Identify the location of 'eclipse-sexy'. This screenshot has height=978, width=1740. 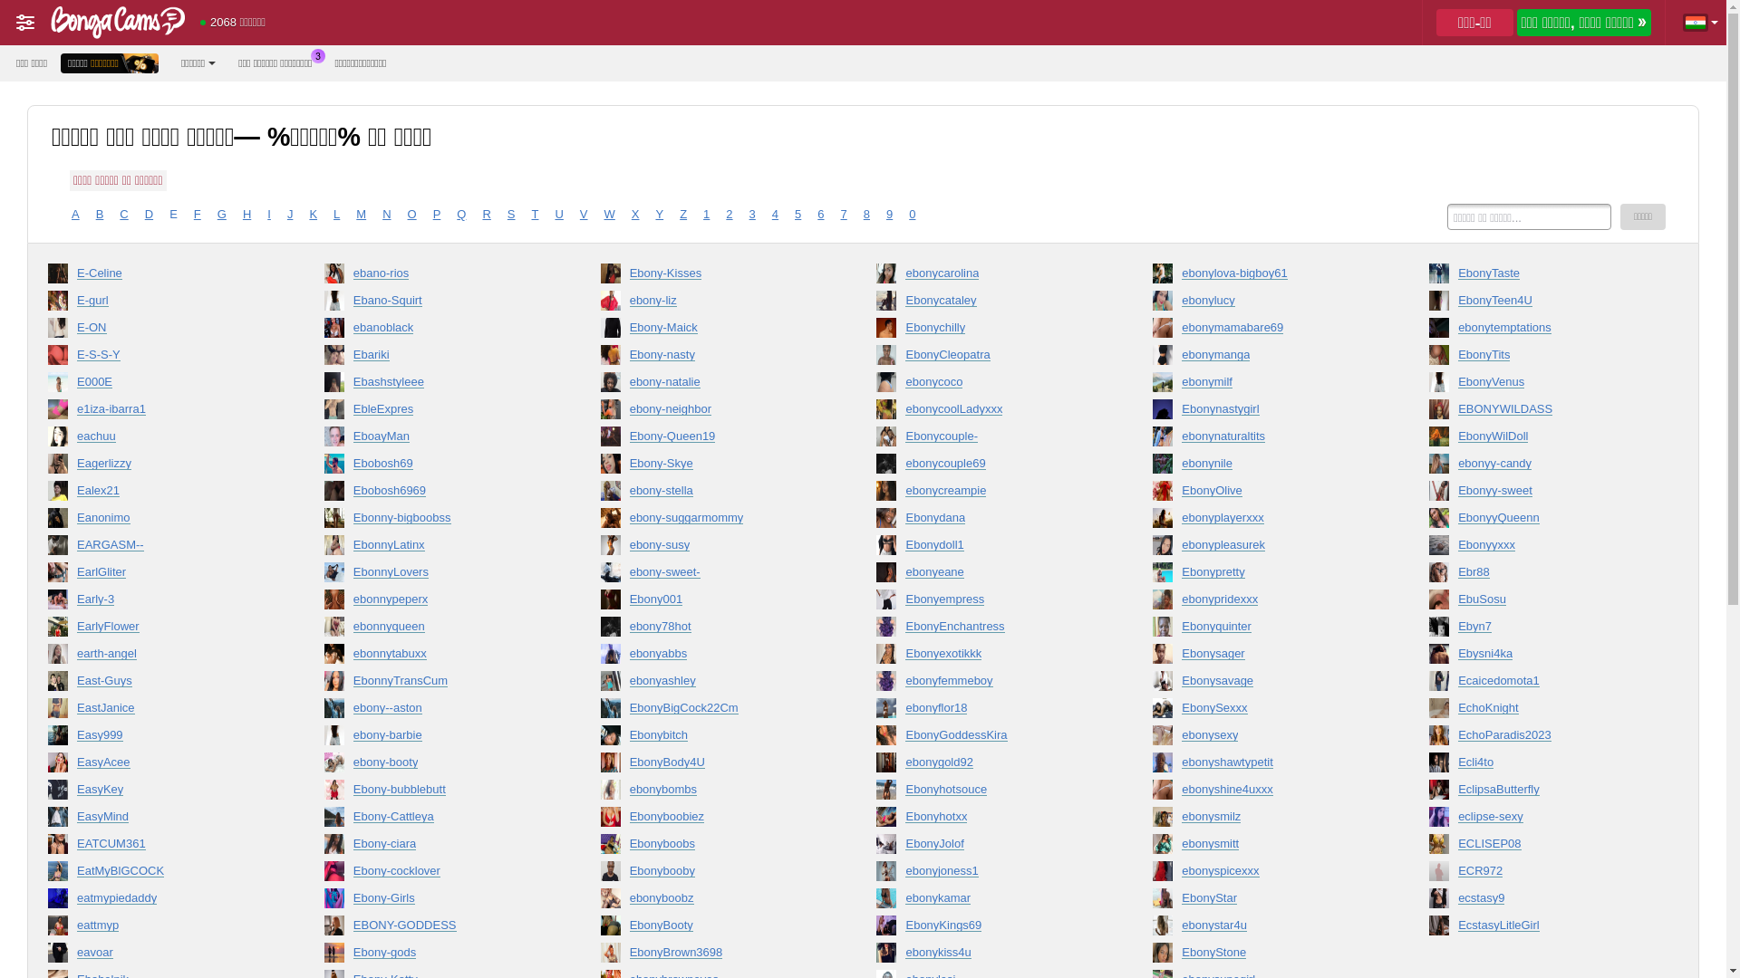
(1540, 820).